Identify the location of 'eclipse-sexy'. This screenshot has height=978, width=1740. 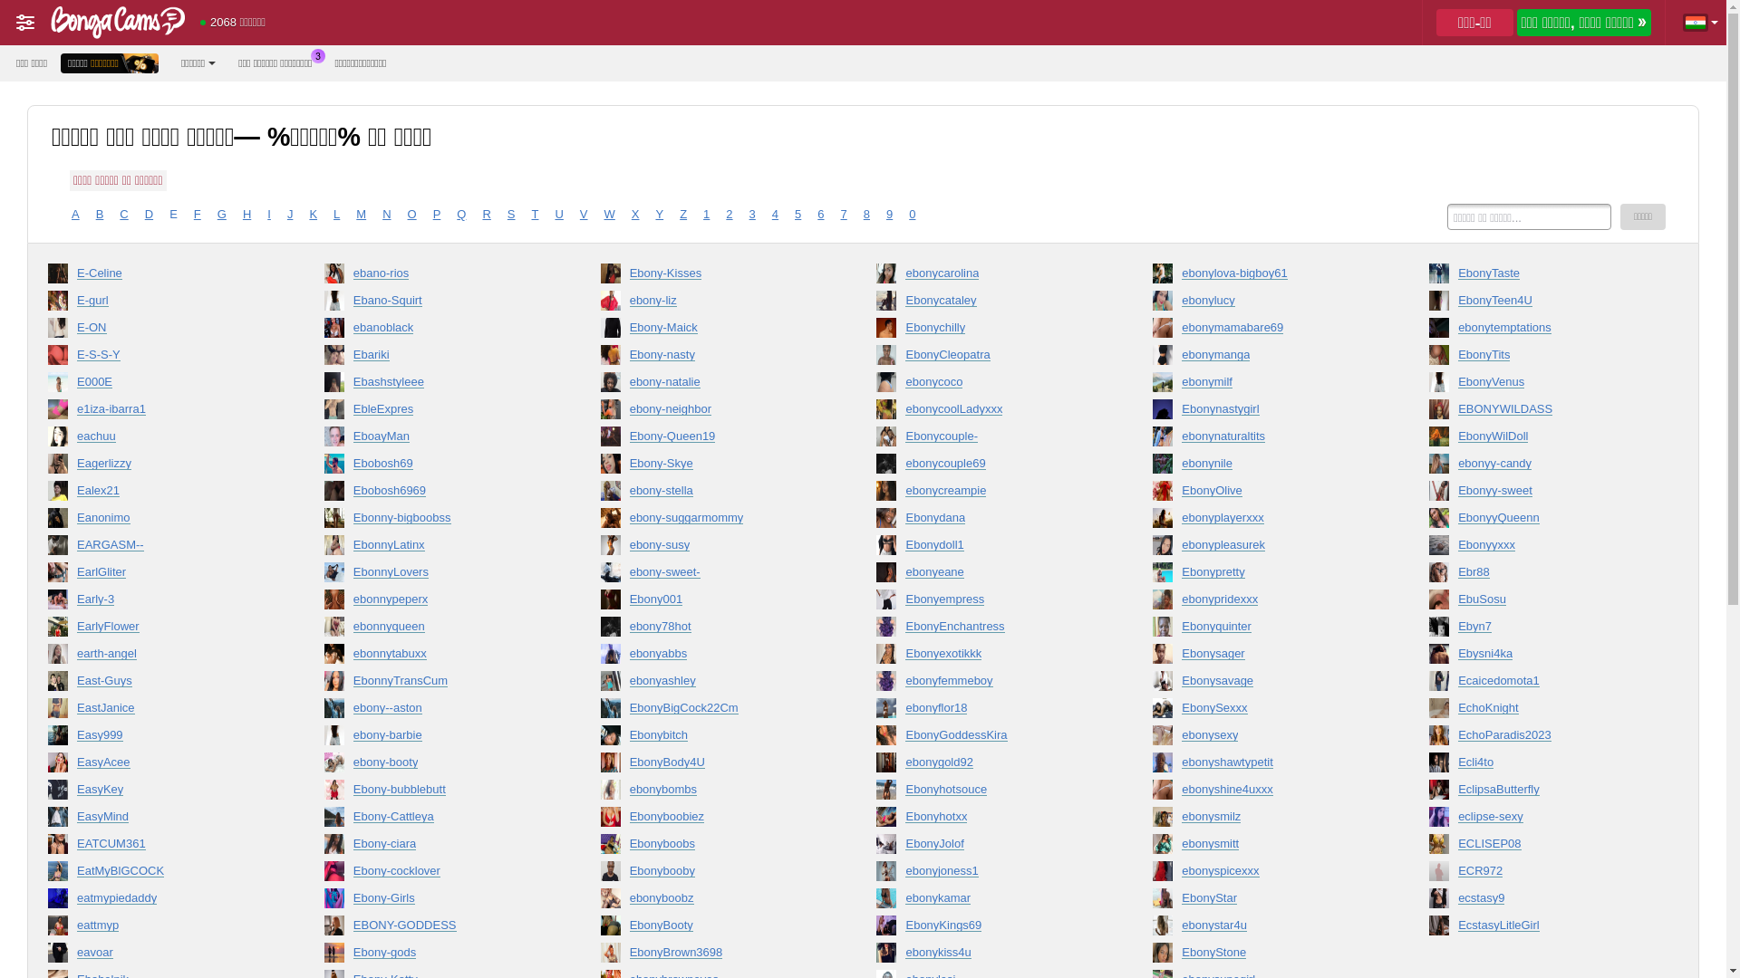
(1540, 820).